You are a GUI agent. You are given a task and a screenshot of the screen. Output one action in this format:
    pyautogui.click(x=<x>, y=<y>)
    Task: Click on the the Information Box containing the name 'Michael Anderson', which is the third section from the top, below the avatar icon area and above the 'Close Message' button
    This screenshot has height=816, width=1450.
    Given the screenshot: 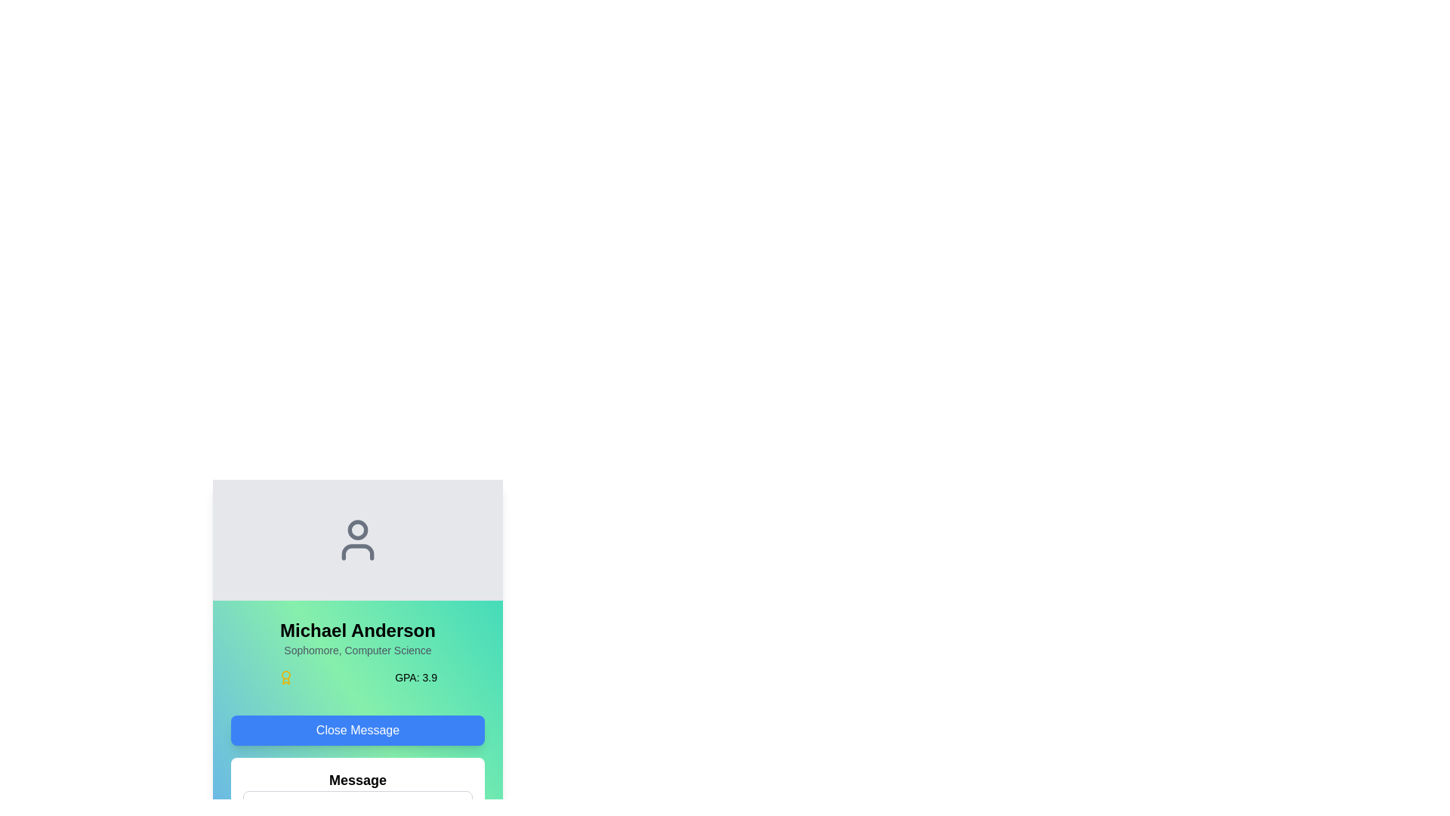 What is the action you would take?
    pyautogui.click(x=357, y=651)
    